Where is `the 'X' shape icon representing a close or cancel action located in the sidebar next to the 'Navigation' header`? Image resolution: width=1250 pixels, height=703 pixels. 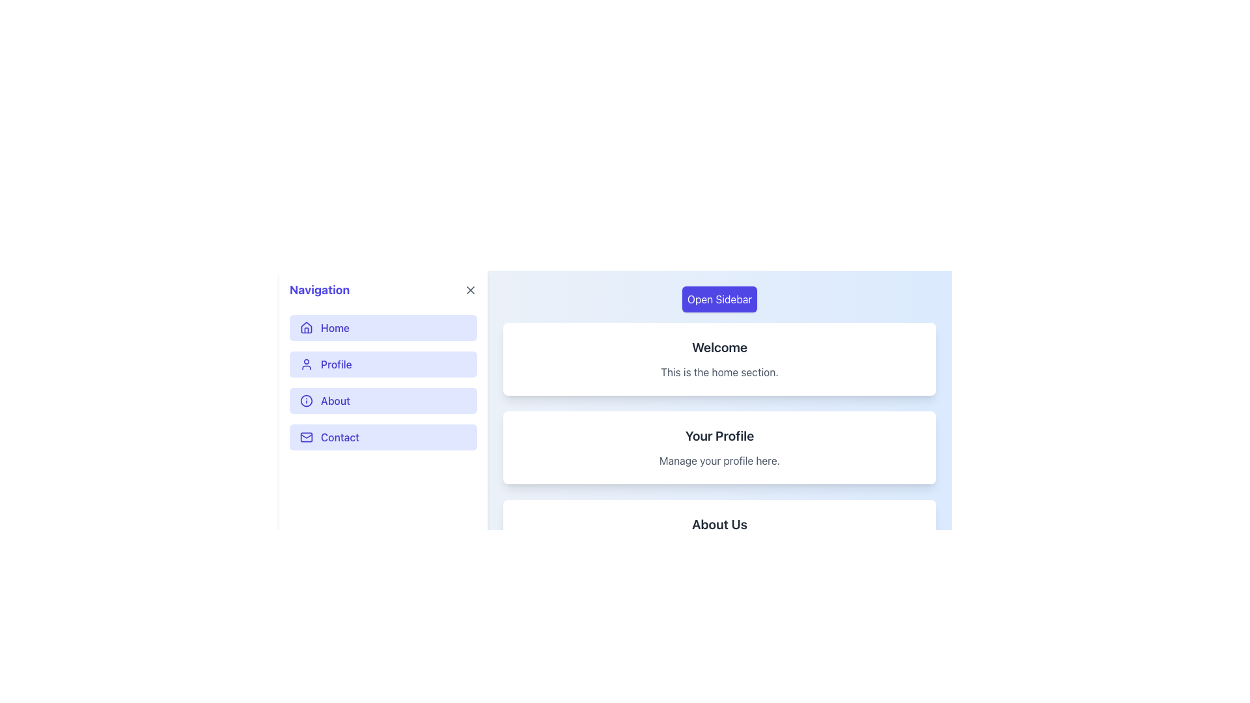 the 'X' shape icon representing a close or cancel action located in the sidebar next to the 'Navigation' header is located at coordinates (470, 290).